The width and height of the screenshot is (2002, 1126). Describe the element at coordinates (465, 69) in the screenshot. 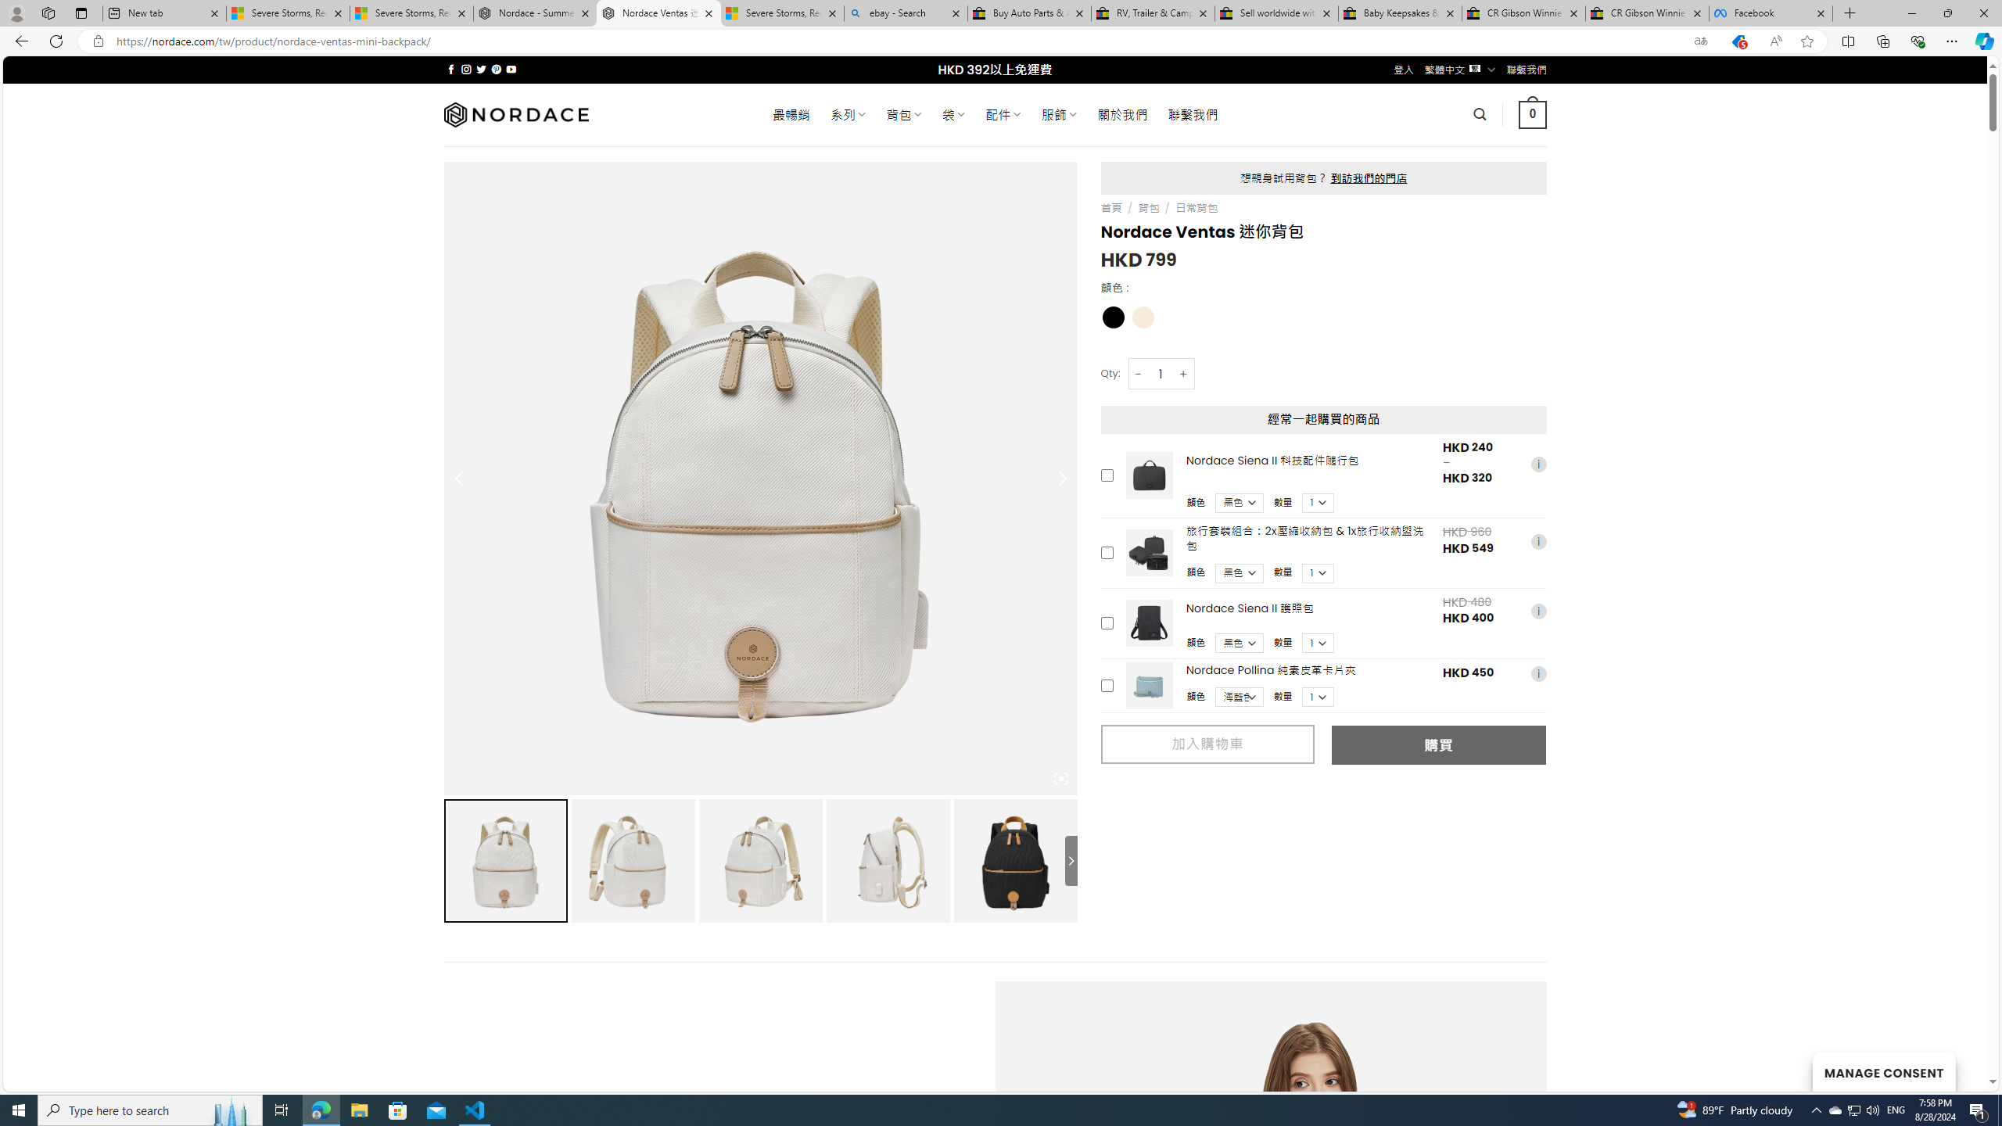

I see `'Follow on Instagram'` at that location.